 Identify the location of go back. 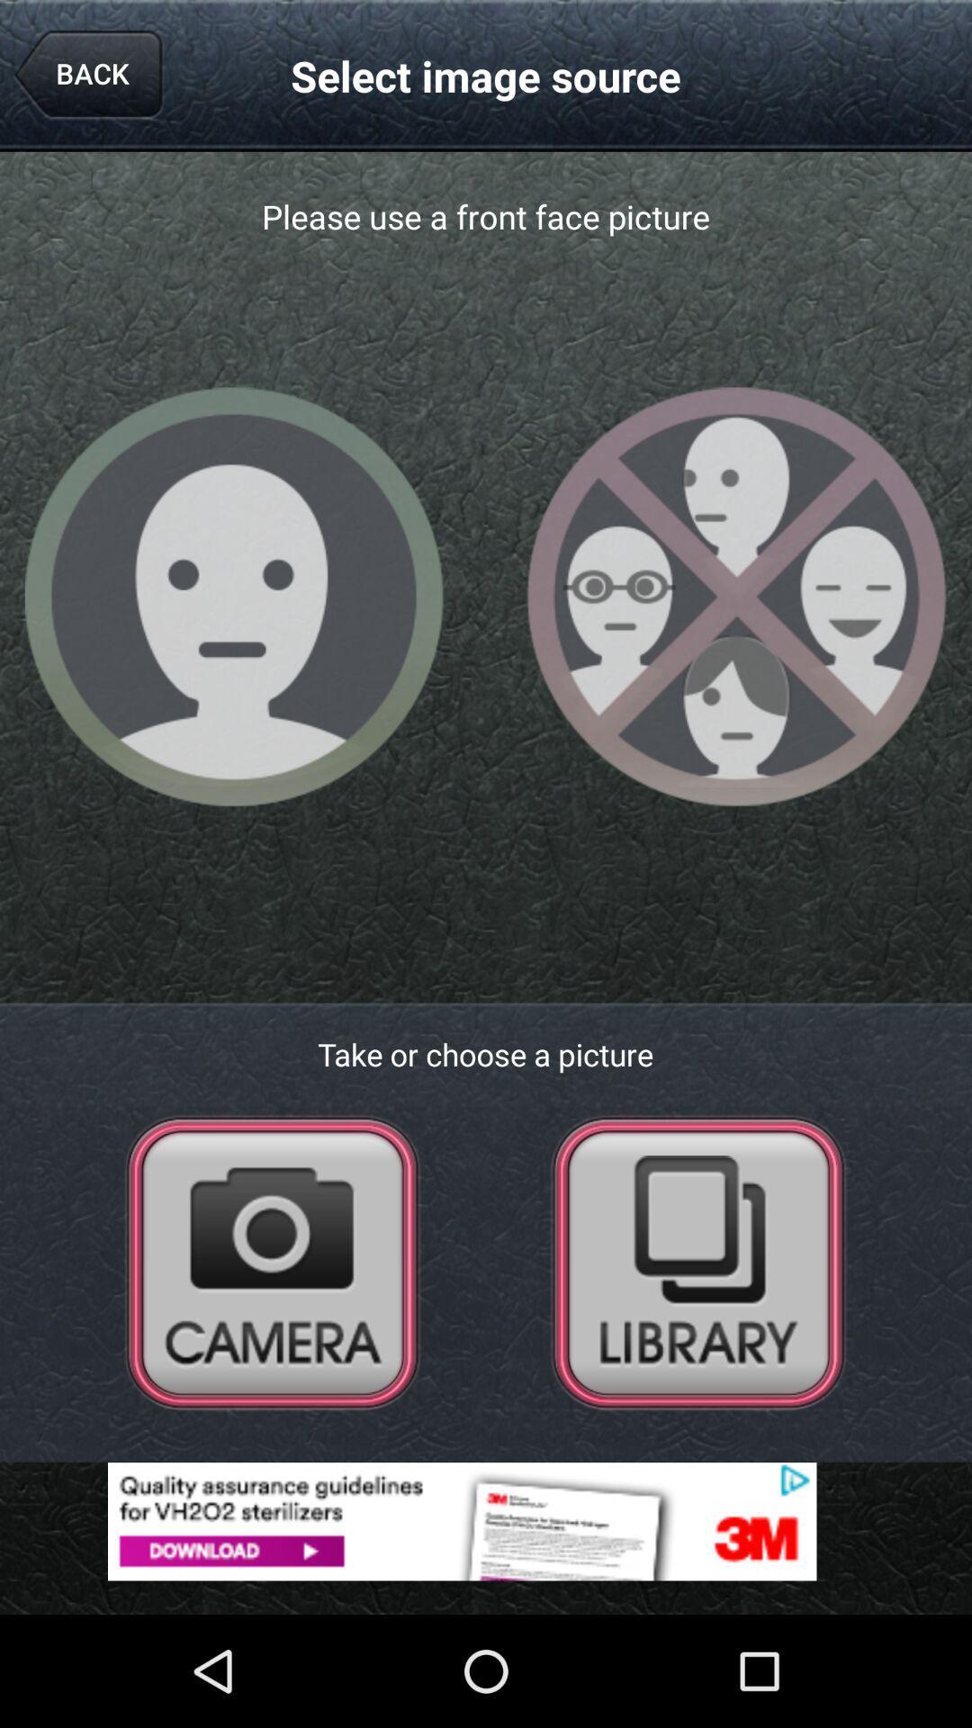
(697, 1261).